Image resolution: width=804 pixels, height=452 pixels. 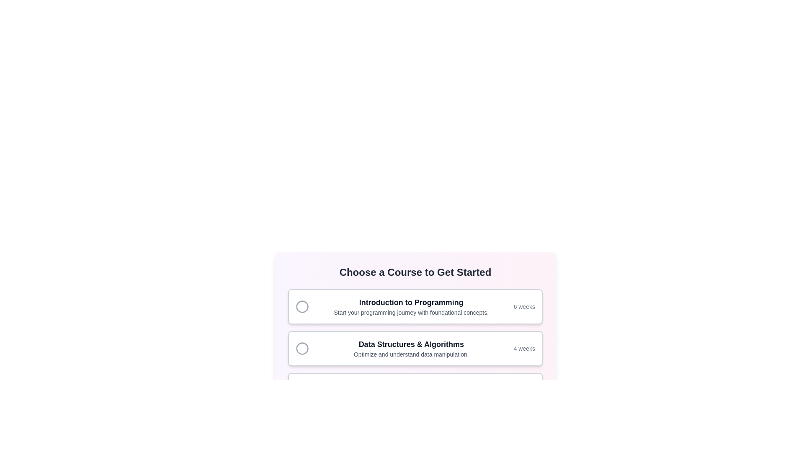 I want to click on text label that identifies the course option, positioned above the paragraph stating 'Optimize and understand data manipulation.' in the second card of the vertical stack, so click(x=411, y=344).